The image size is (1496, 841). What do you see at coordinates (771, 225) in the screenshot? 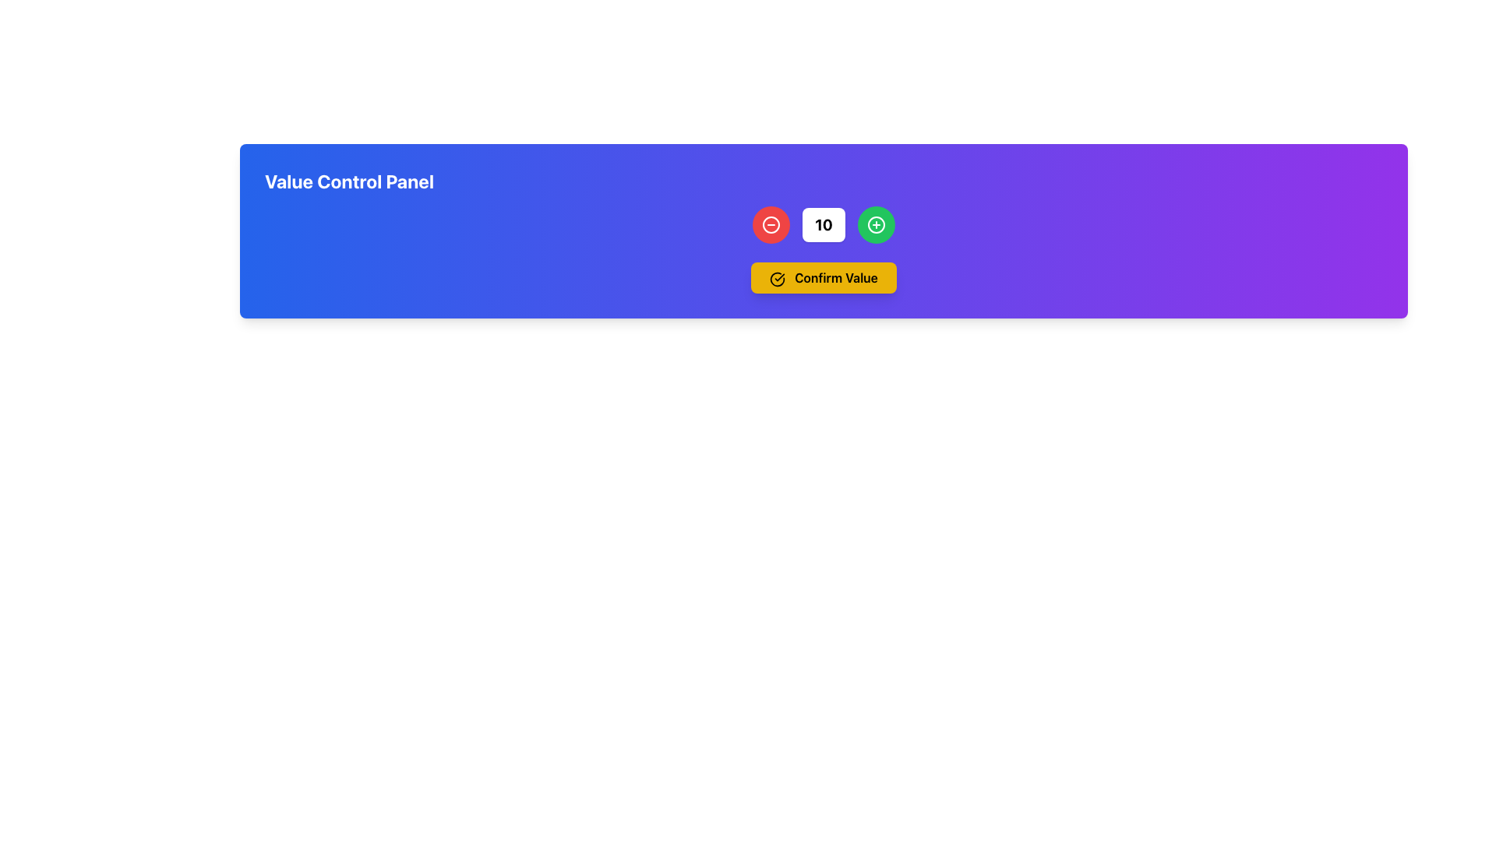
I see `the red circular button with an outlined minus symbol, which is the leftmost button in a group of three controls, positioned to the left of the white box displaying the number '10'` at bounding box center [771, 225].